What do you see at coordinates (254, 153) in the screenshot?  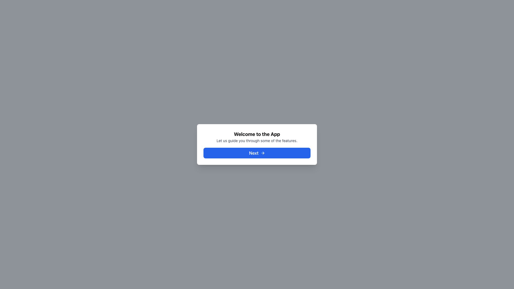 I see `the text label that serves as a label for the button, which is centrally aligned within a blue rectangular button group located near the bottom of the main white card area` at bounding box center [254, 153].